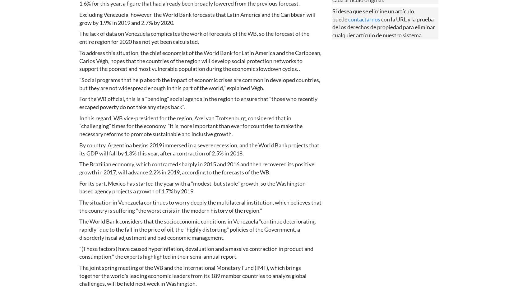 Image resolution: width=513 pixels, height=291 pixels. What do you see at coordinates (374, 15) in the screenshot?
I see `'Si desea que se elimine un artículo, puede'` at bounding box center [374, 15].